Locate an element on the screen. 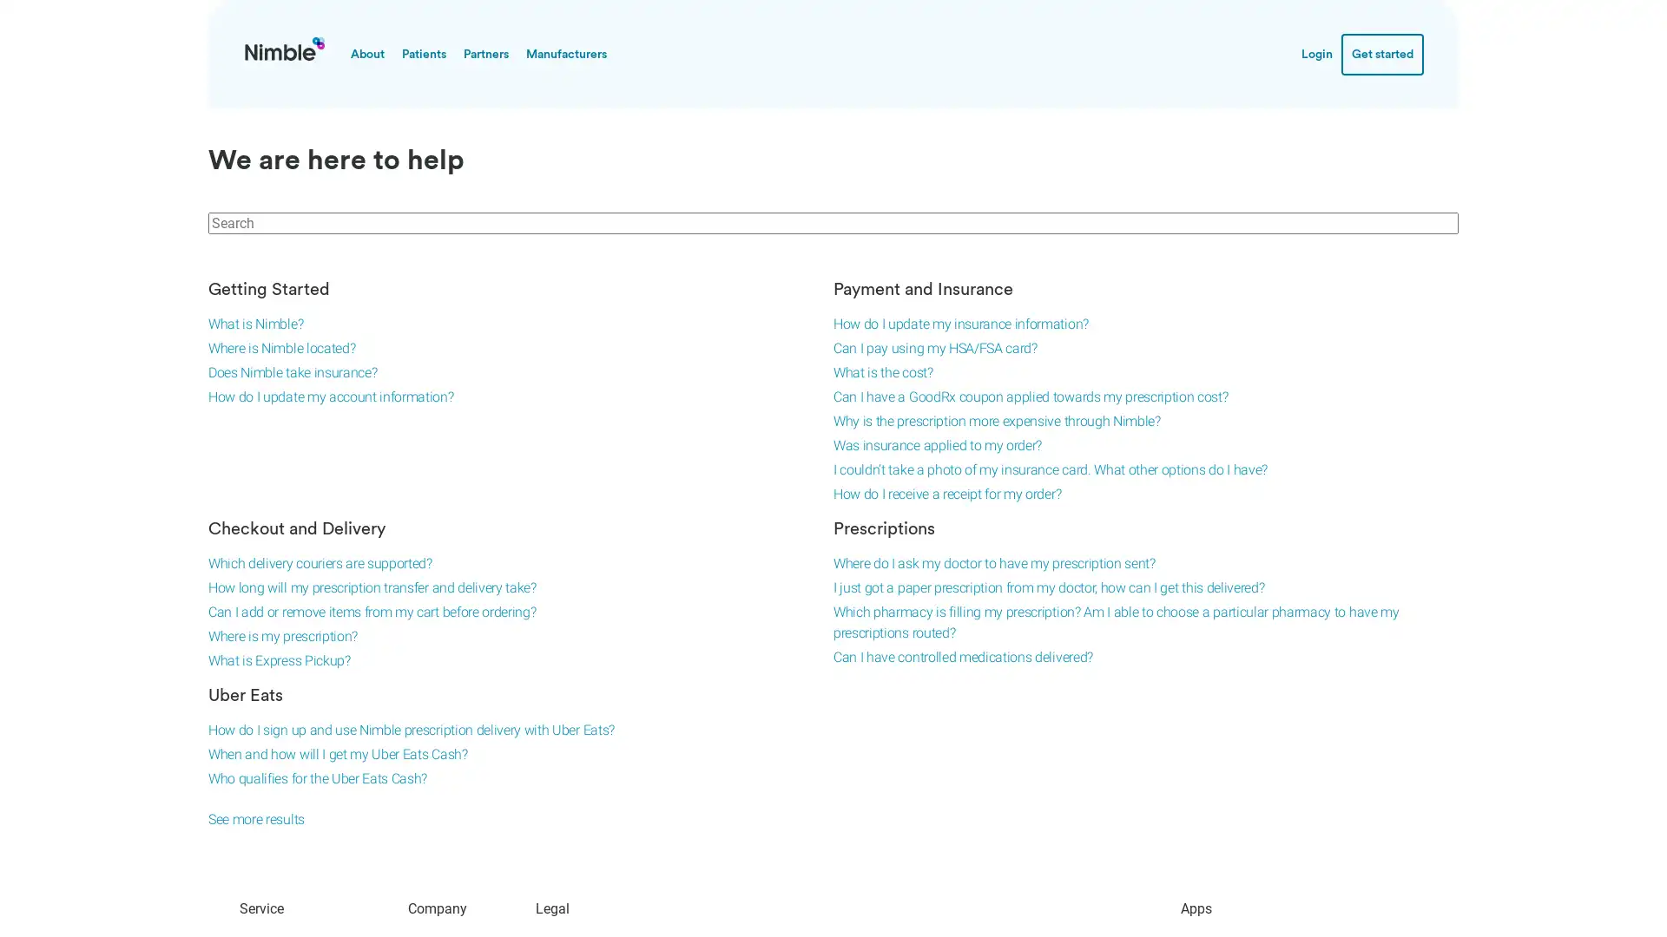  Get started is located at coordinates (1381, 52).